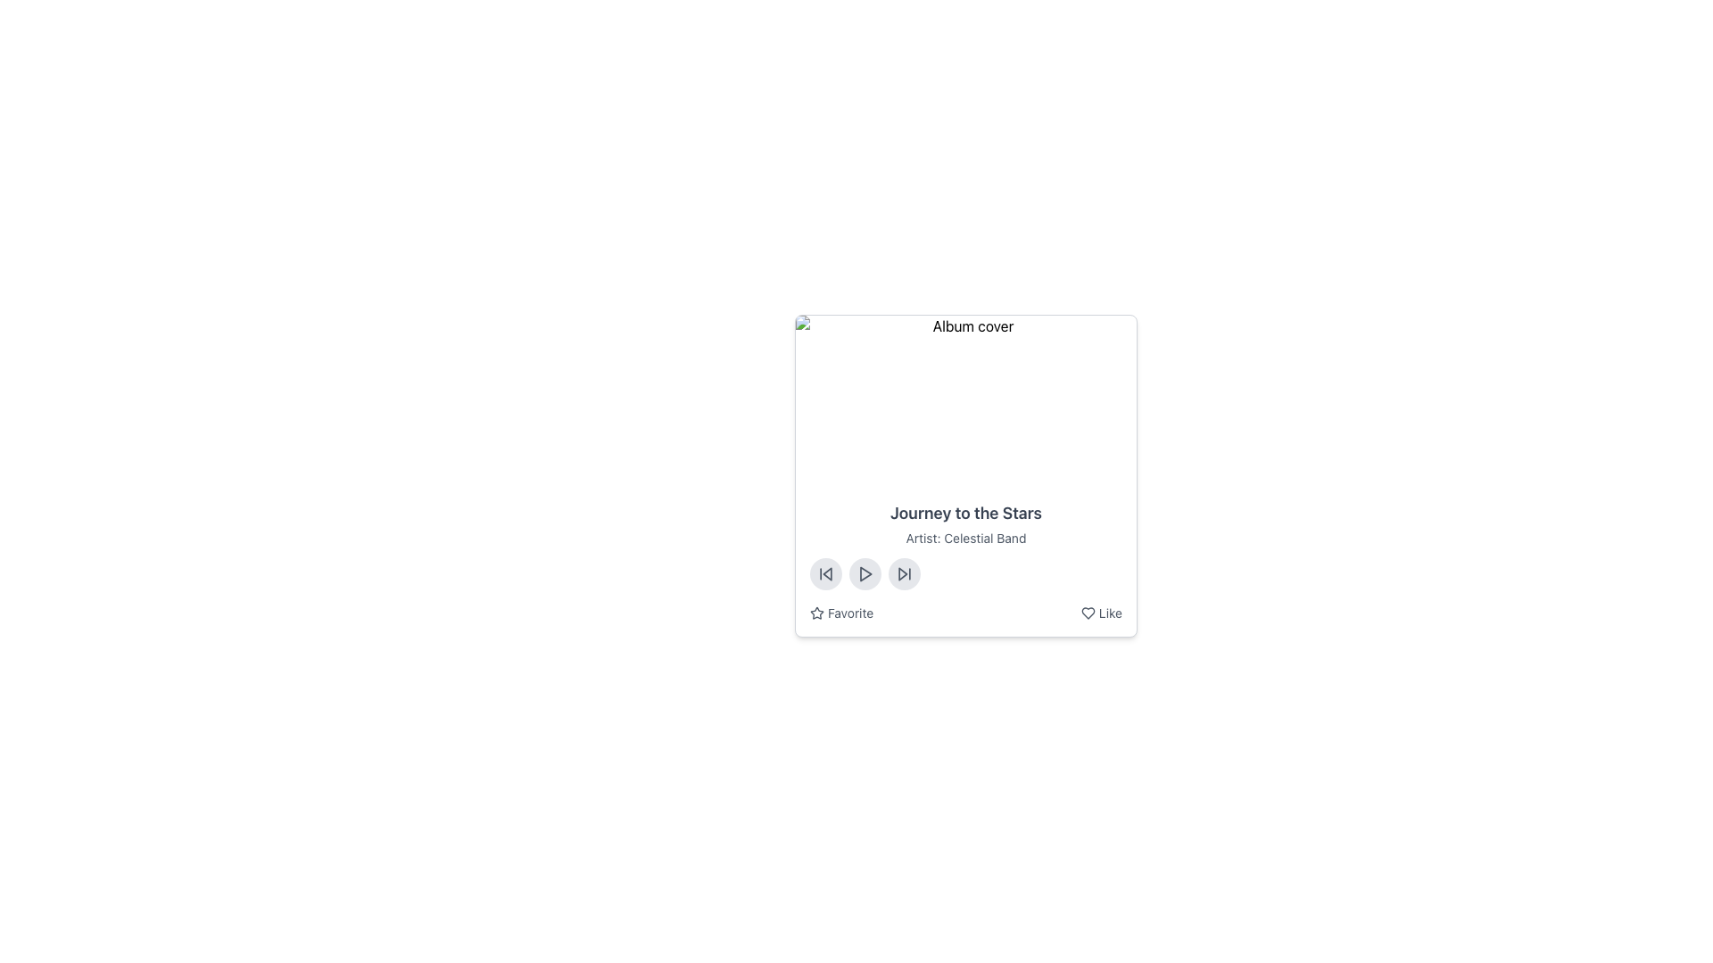  What do you see at coordinates (865, 574) in the screenshot?
I see `the triangular play icon located within a circular button at the bottom of the music track detail card` at bounding box center [865, 574].